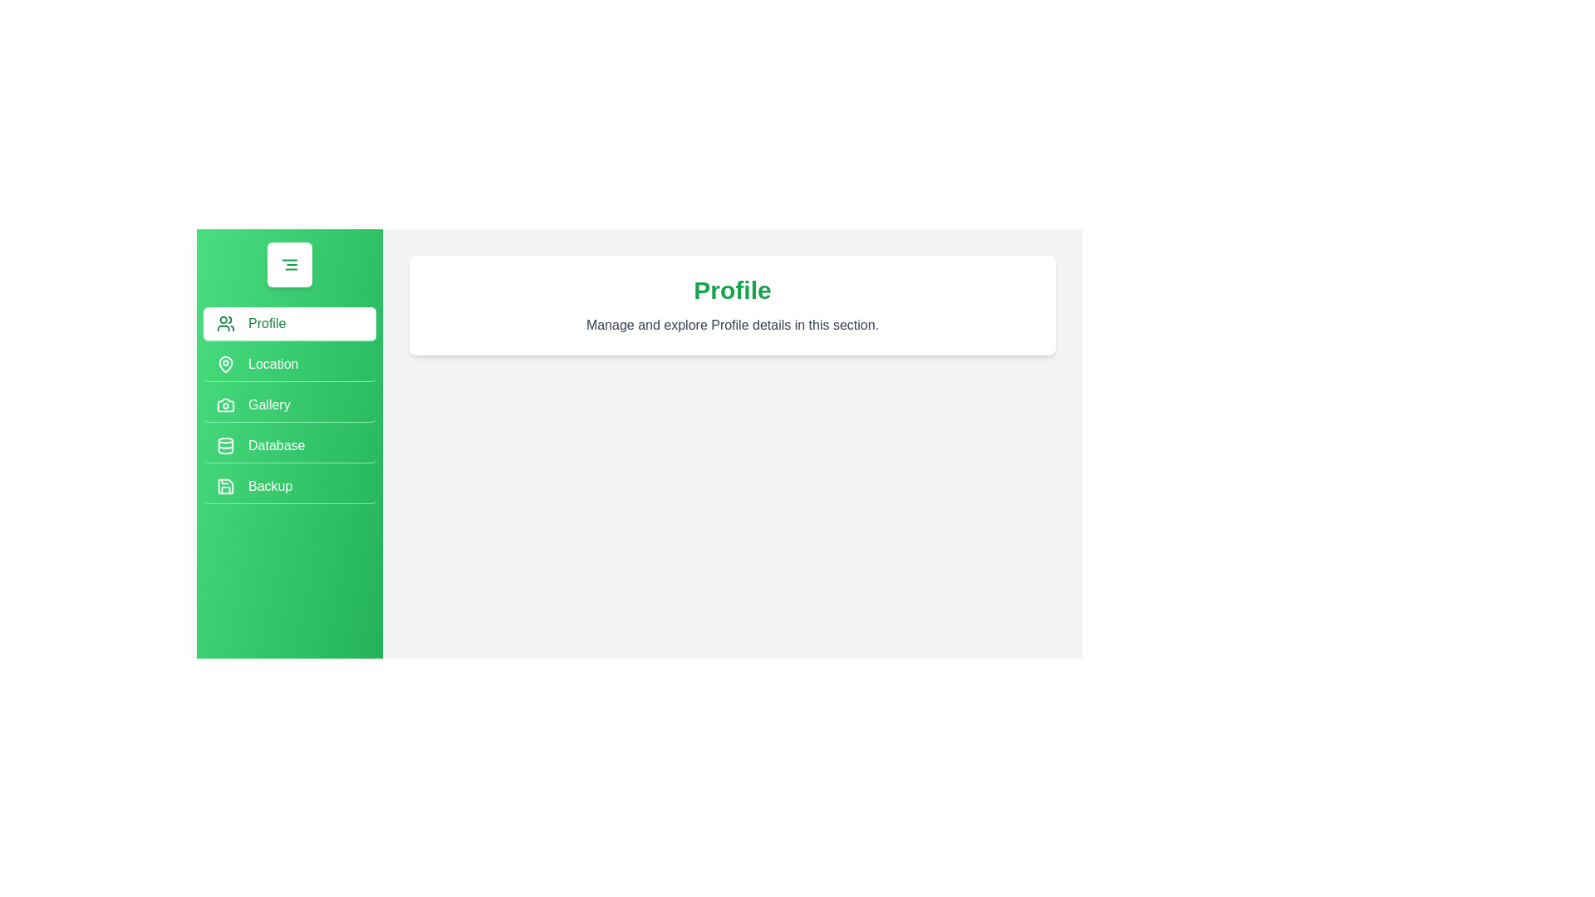 This screenshot has width=1595, height=897. I want to click on the button with the AlignRight icon to toggle the drawer's state, so click(290, 264).